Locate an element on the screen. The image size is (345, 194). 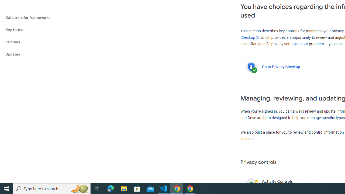
'Go to Privacy Checkup' is located at coordinates (281, 67).